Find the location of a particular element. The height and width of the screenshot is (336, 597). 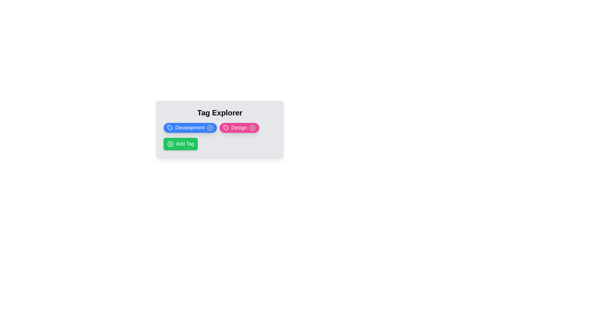

the 'Add Tag' button to add a new tag is located at coordinates (180, 144).